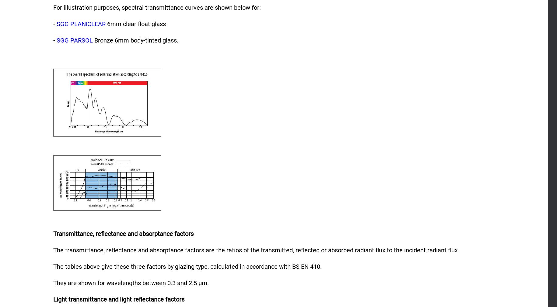 This screenshot has width=557, height=307. What do you see at coordinates (187, 266) in the screenshot?
I see `'The tables above give these three factors by glazing type, calculated in accordance with BS EN 410.'` at bounding box center [187, 266].